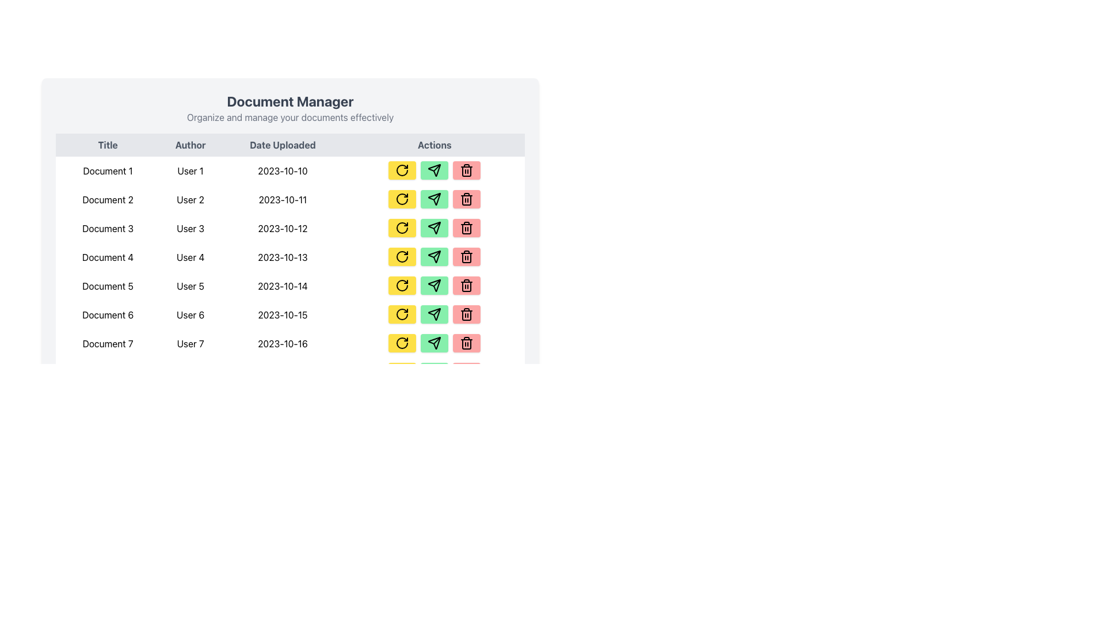 This screenshot has width=1105, height=622. I want to click on the third button in the 'Actions' column with a red background and a trash icon, corresponding to 'Document 6', so click(467, 285).